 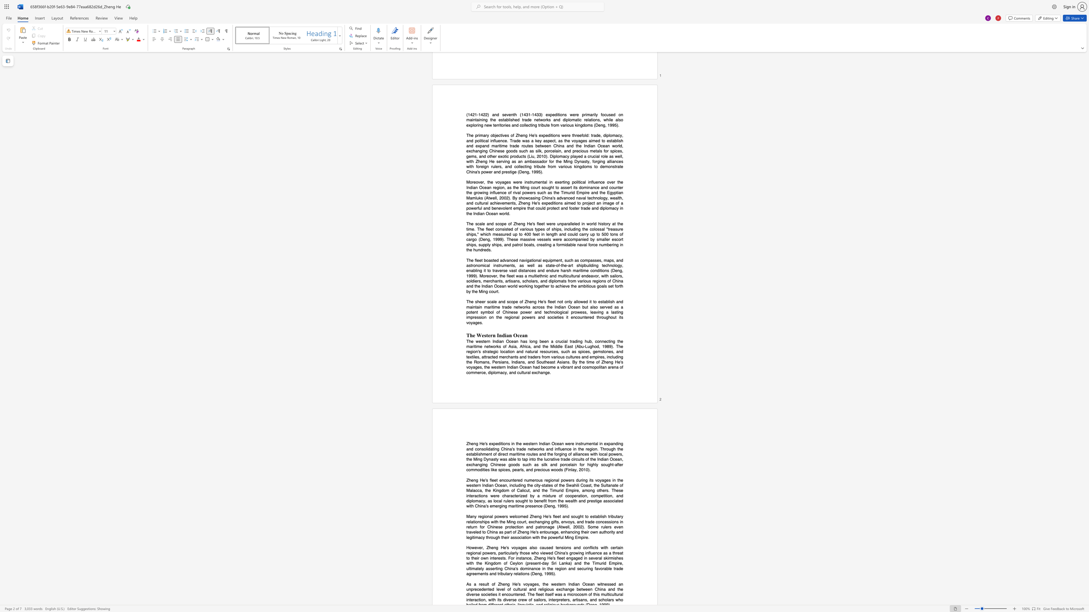 I want to click on the space between the continuous character "1" and "9" in the text, so click(x=559, y=506).